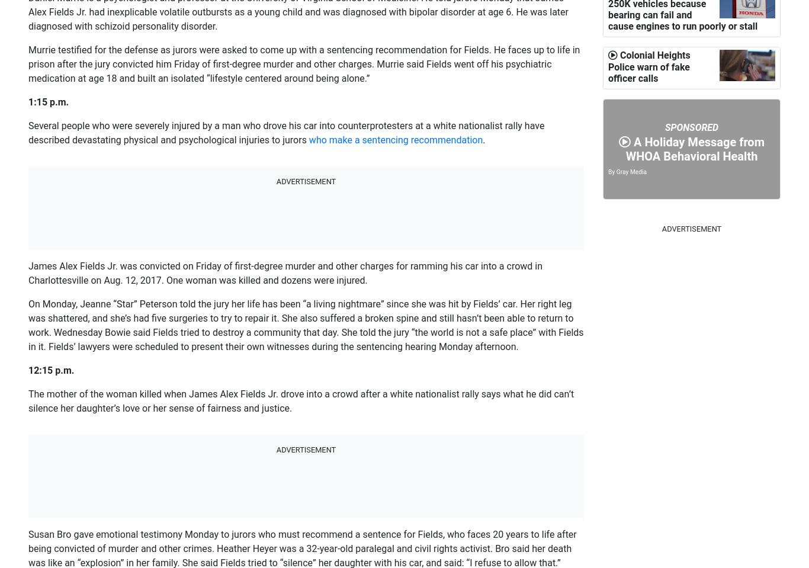  What do you see at coordinates (483, 140) in the screenshot?
I see `'.'` at bounding box center [483, 140].